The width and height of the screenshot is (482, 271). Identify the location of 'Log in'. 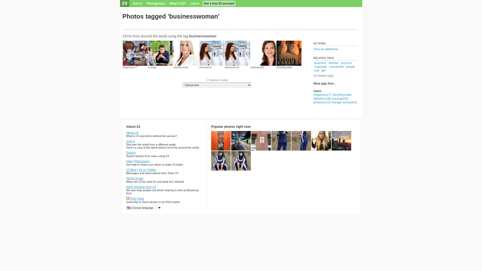
(195, 4).